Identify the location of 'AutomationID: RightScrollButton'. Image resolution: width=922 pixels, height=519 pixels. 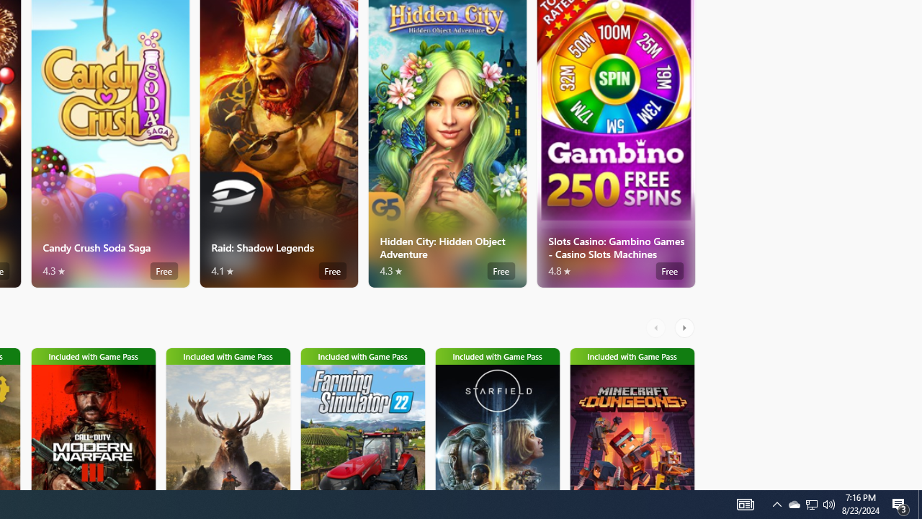
(685, 328).